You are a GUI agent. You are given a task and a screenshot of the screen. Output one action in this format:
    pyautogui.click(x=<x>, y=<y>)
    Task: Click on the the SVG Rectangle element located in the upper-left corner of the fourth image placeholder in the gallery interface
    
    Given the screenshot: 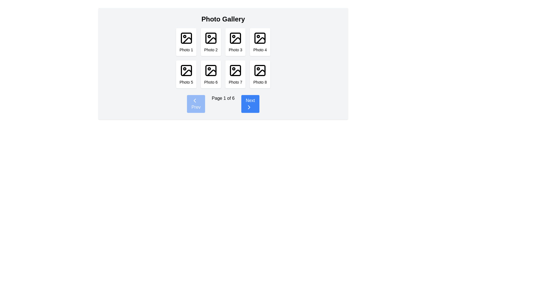 What is the action you would take?
    pyautogui.click(x=260, y=38)
    